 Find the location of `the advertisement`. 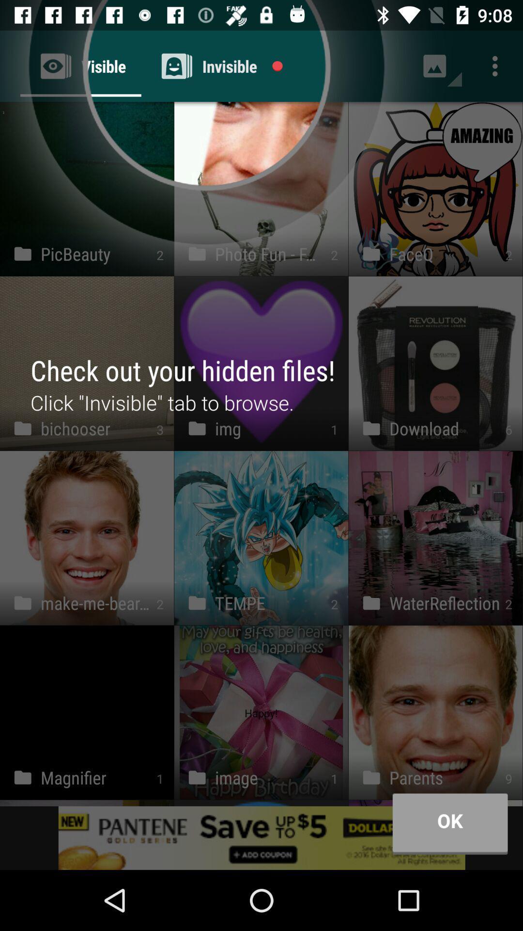

the advertisement is located at coordinates (261, 837).